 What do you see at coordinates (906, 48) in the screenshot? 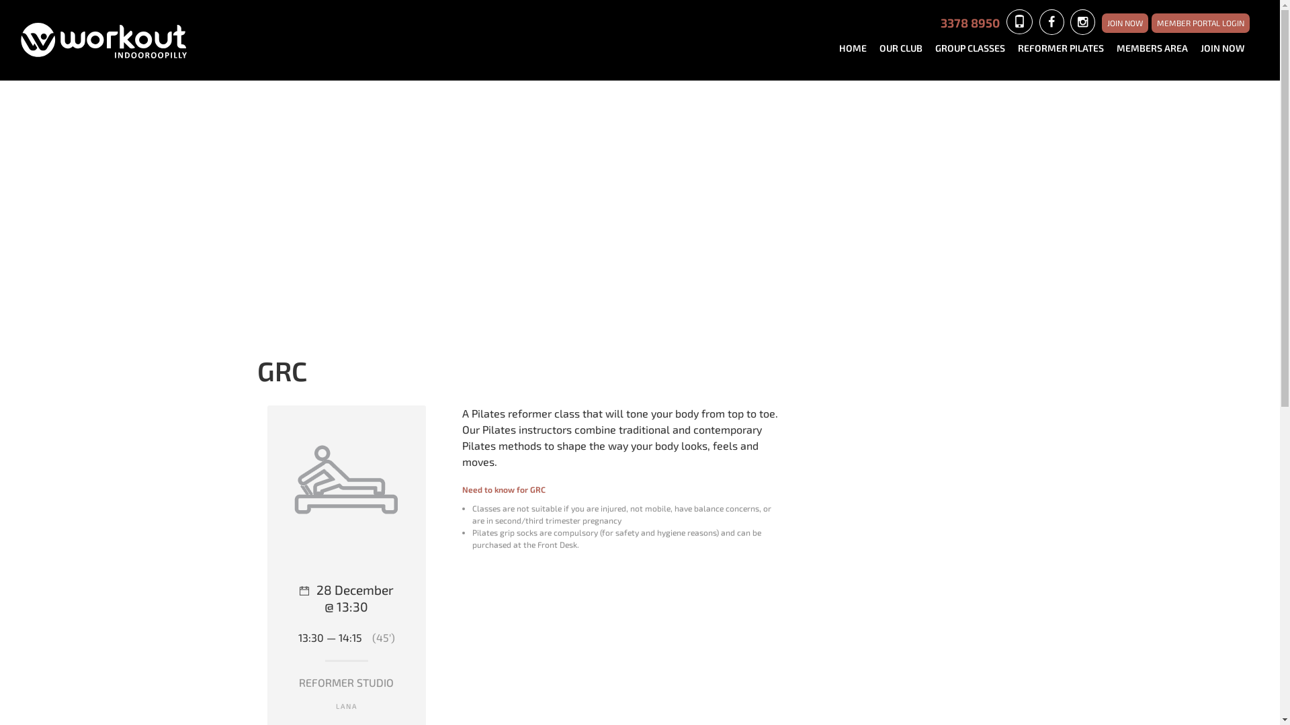
I see `'OUR CLUB'` at bounding box center [906, 48].